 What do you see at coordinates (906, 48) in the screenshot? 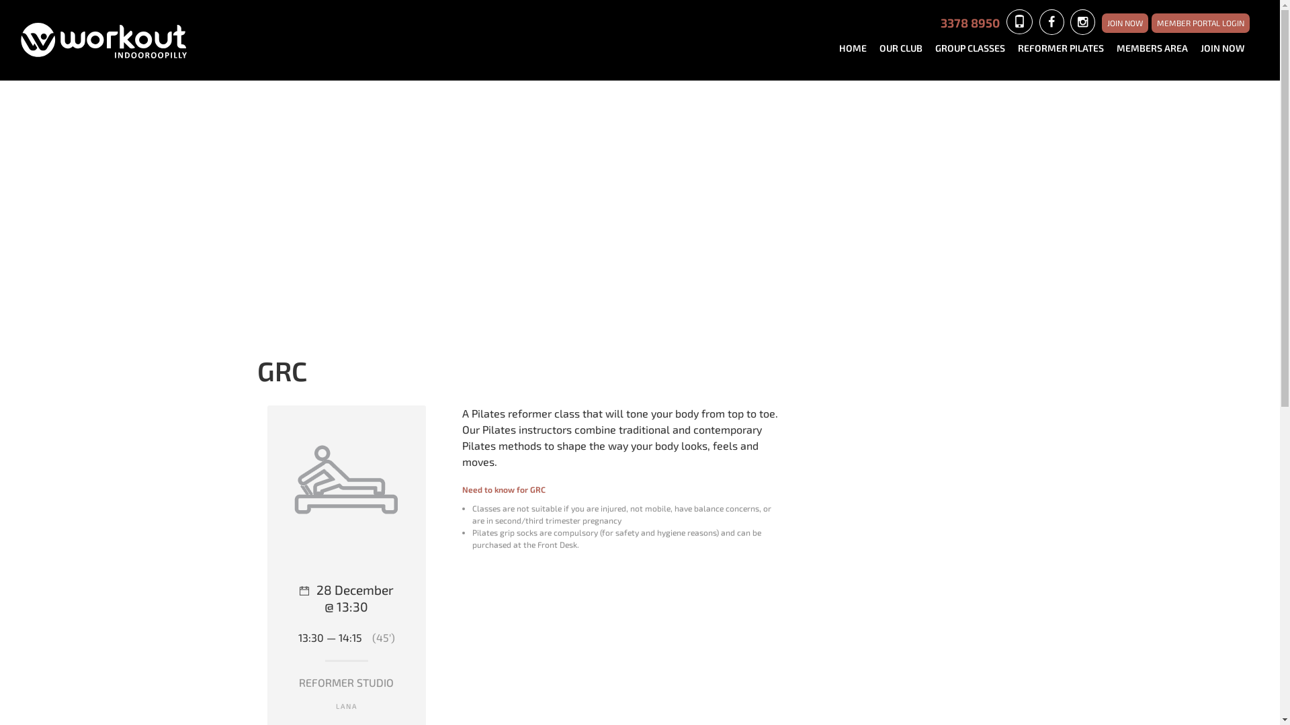
I see `'OUR CLUB'` at bounding box center [906, 48].